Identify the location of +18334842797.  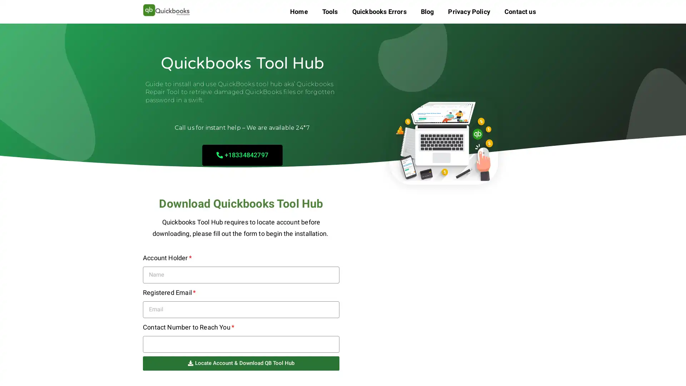
(242, 154).